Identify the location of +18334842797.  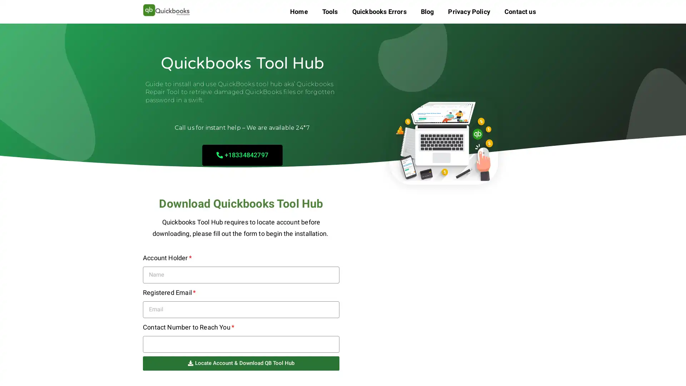
(242, 154).